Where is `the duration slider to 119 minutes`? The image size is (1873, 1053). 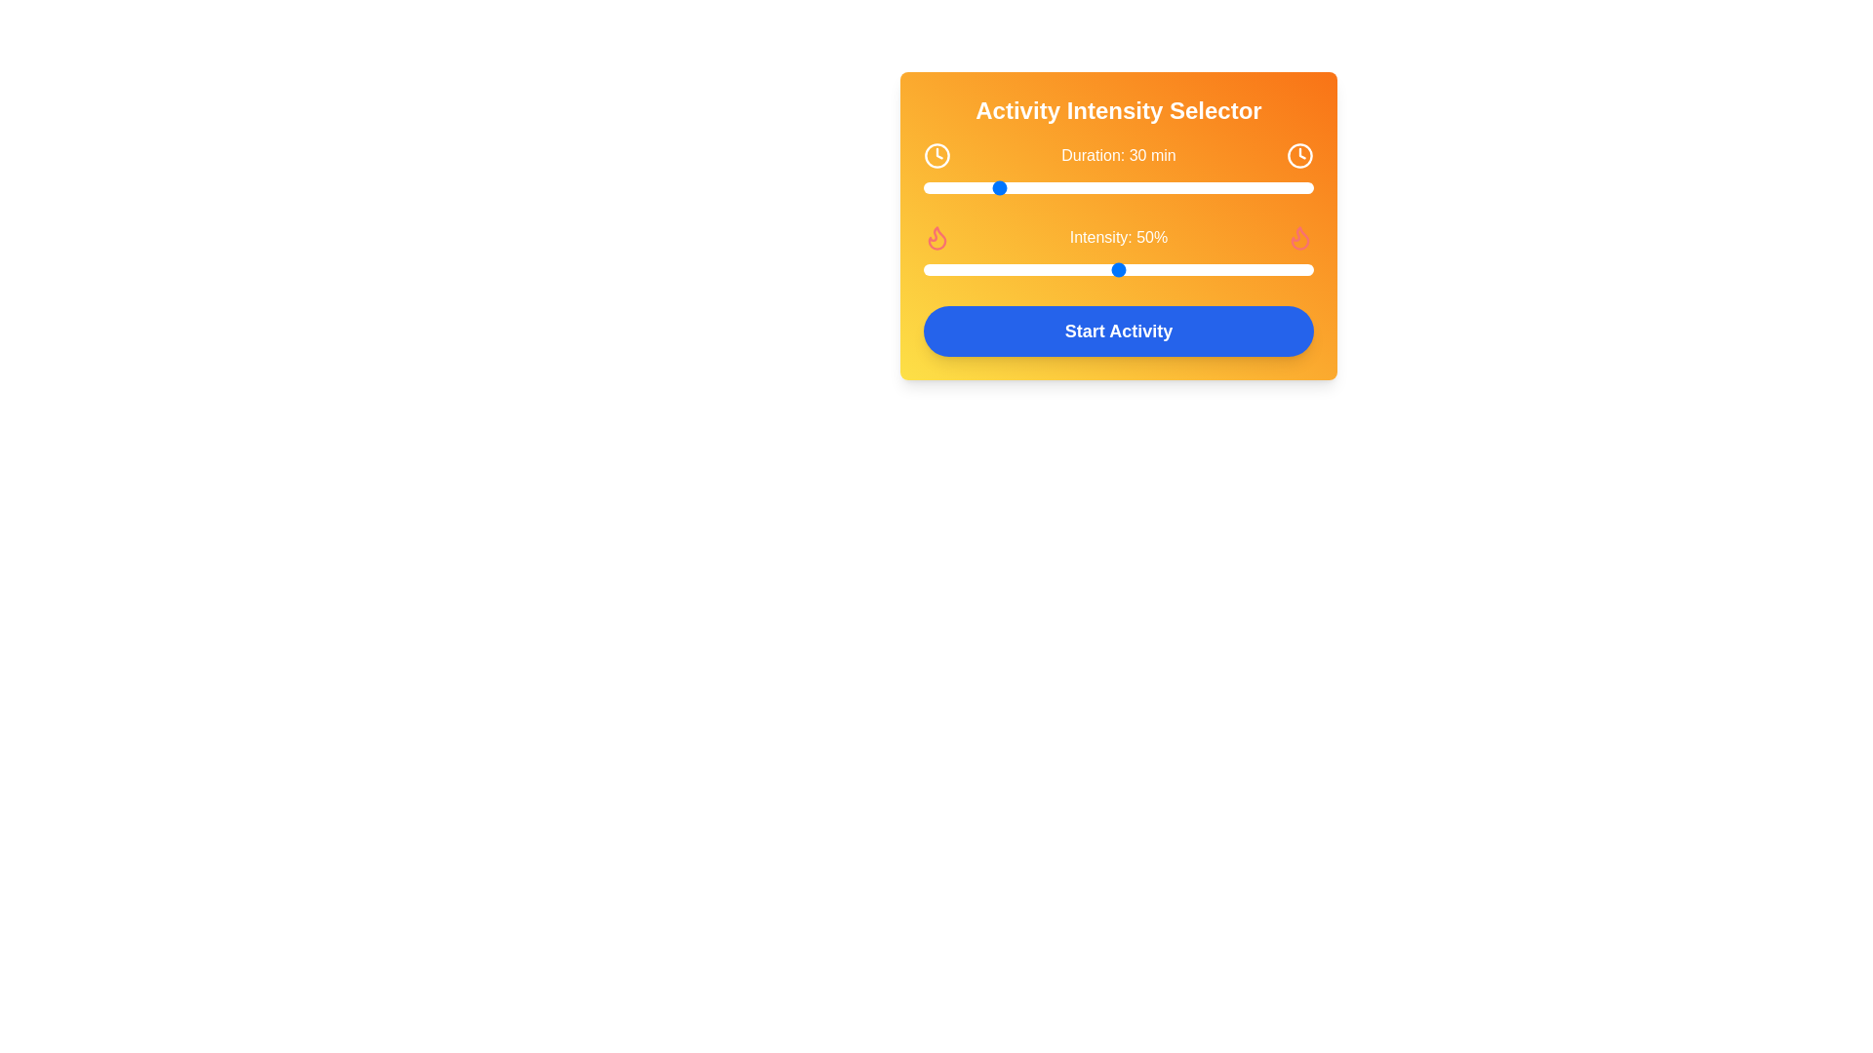 the duration slider to 119 minutes is located at coordinates (1310, 187).